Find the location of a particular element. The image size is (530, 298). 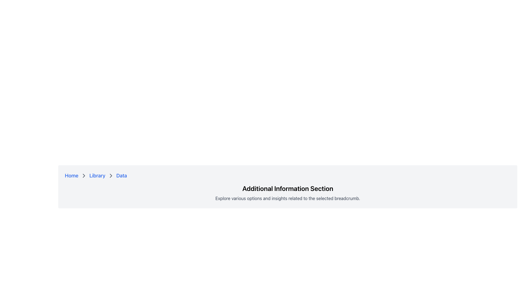

the Text block with a heading and a subheading that provides a description for further detailed information, located under the breadcrumb navigation section is located at coordinates (287, 192).